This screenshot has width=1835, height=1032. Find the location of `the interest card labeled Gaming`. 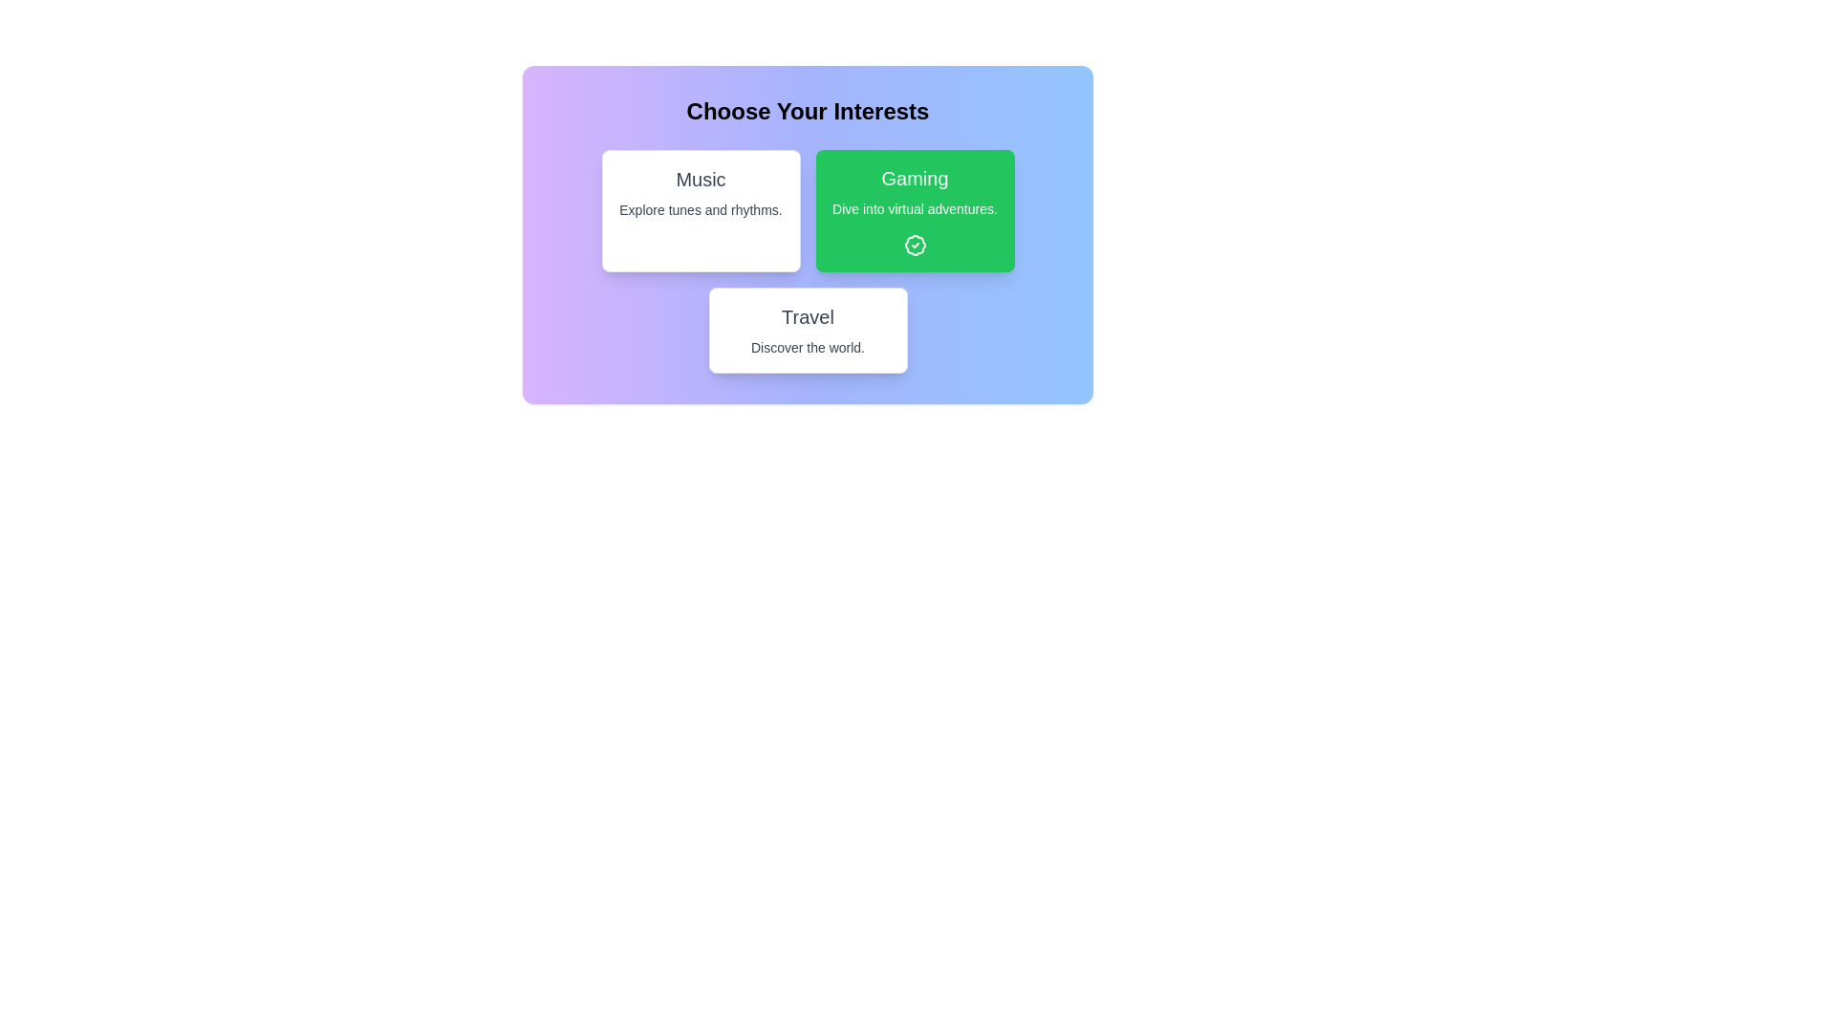

the interest card labeled Gaming is located at coordinates (914, 210).